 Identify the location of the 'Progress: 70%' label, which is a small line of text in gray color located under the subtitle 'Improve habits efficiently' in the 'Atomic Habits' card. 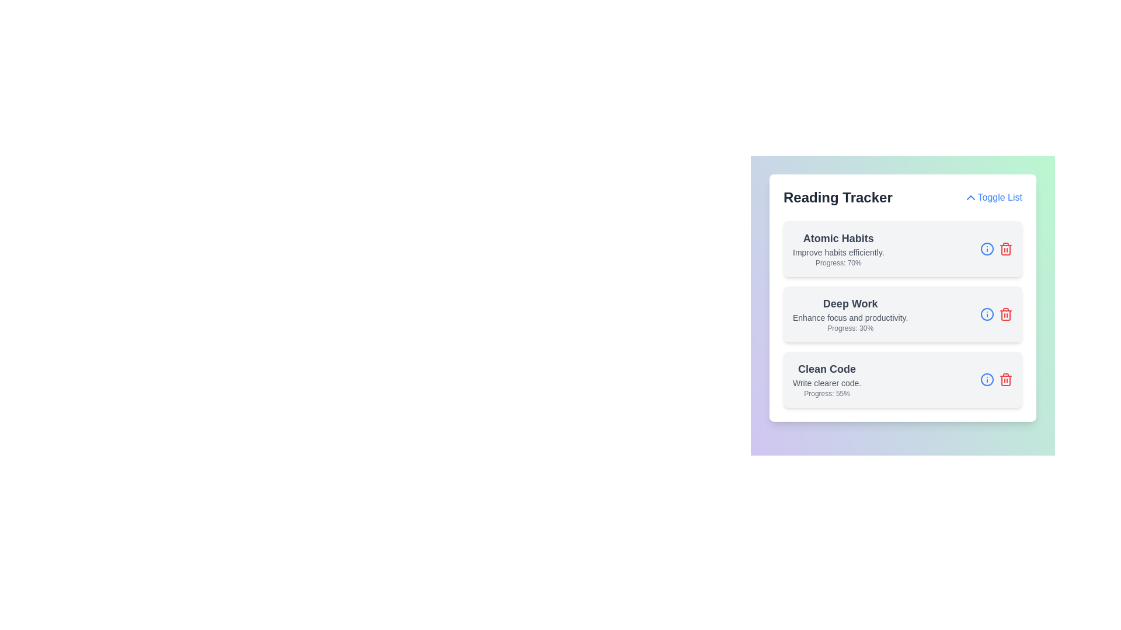
(838, 263).